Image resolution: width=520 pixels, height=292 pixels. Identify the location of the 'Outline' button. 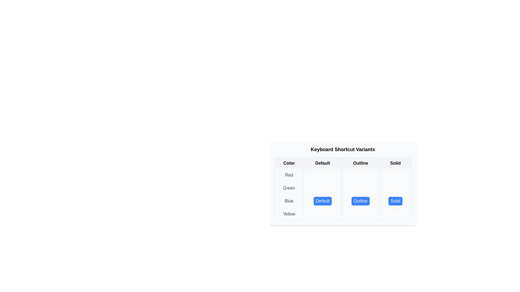
(360, 201).